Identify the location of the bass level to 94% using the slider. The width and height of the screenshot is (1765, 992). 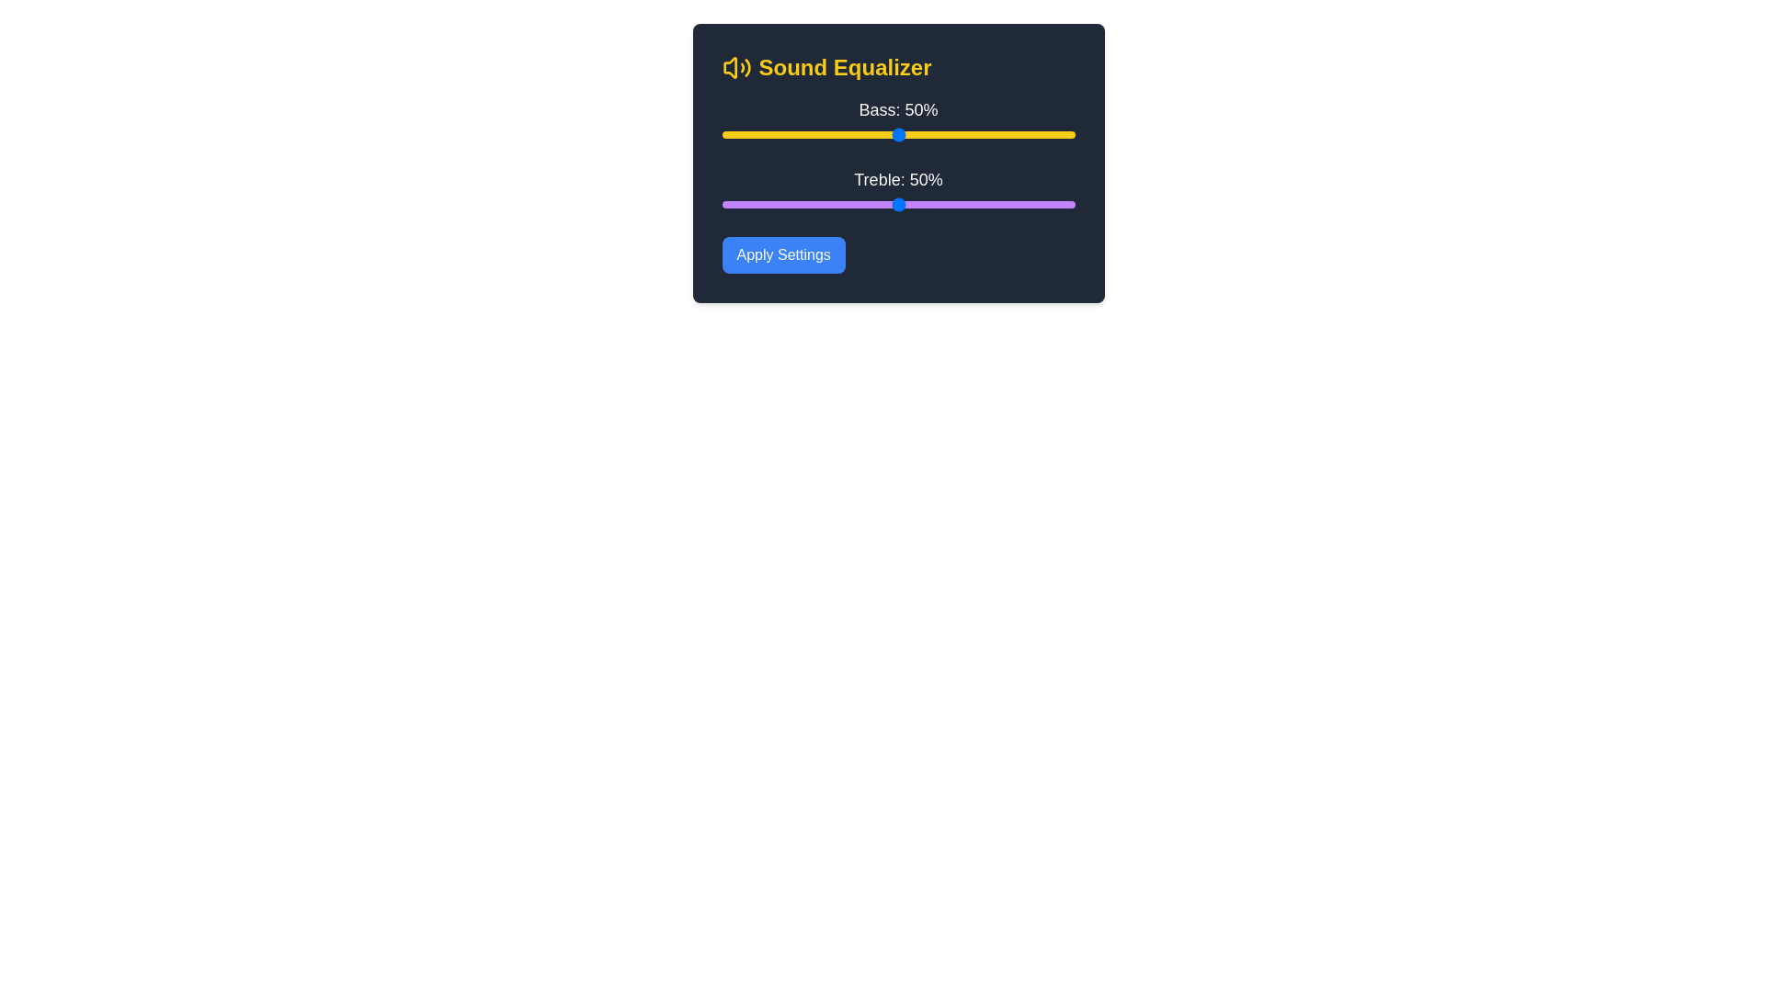
(1053, 133).